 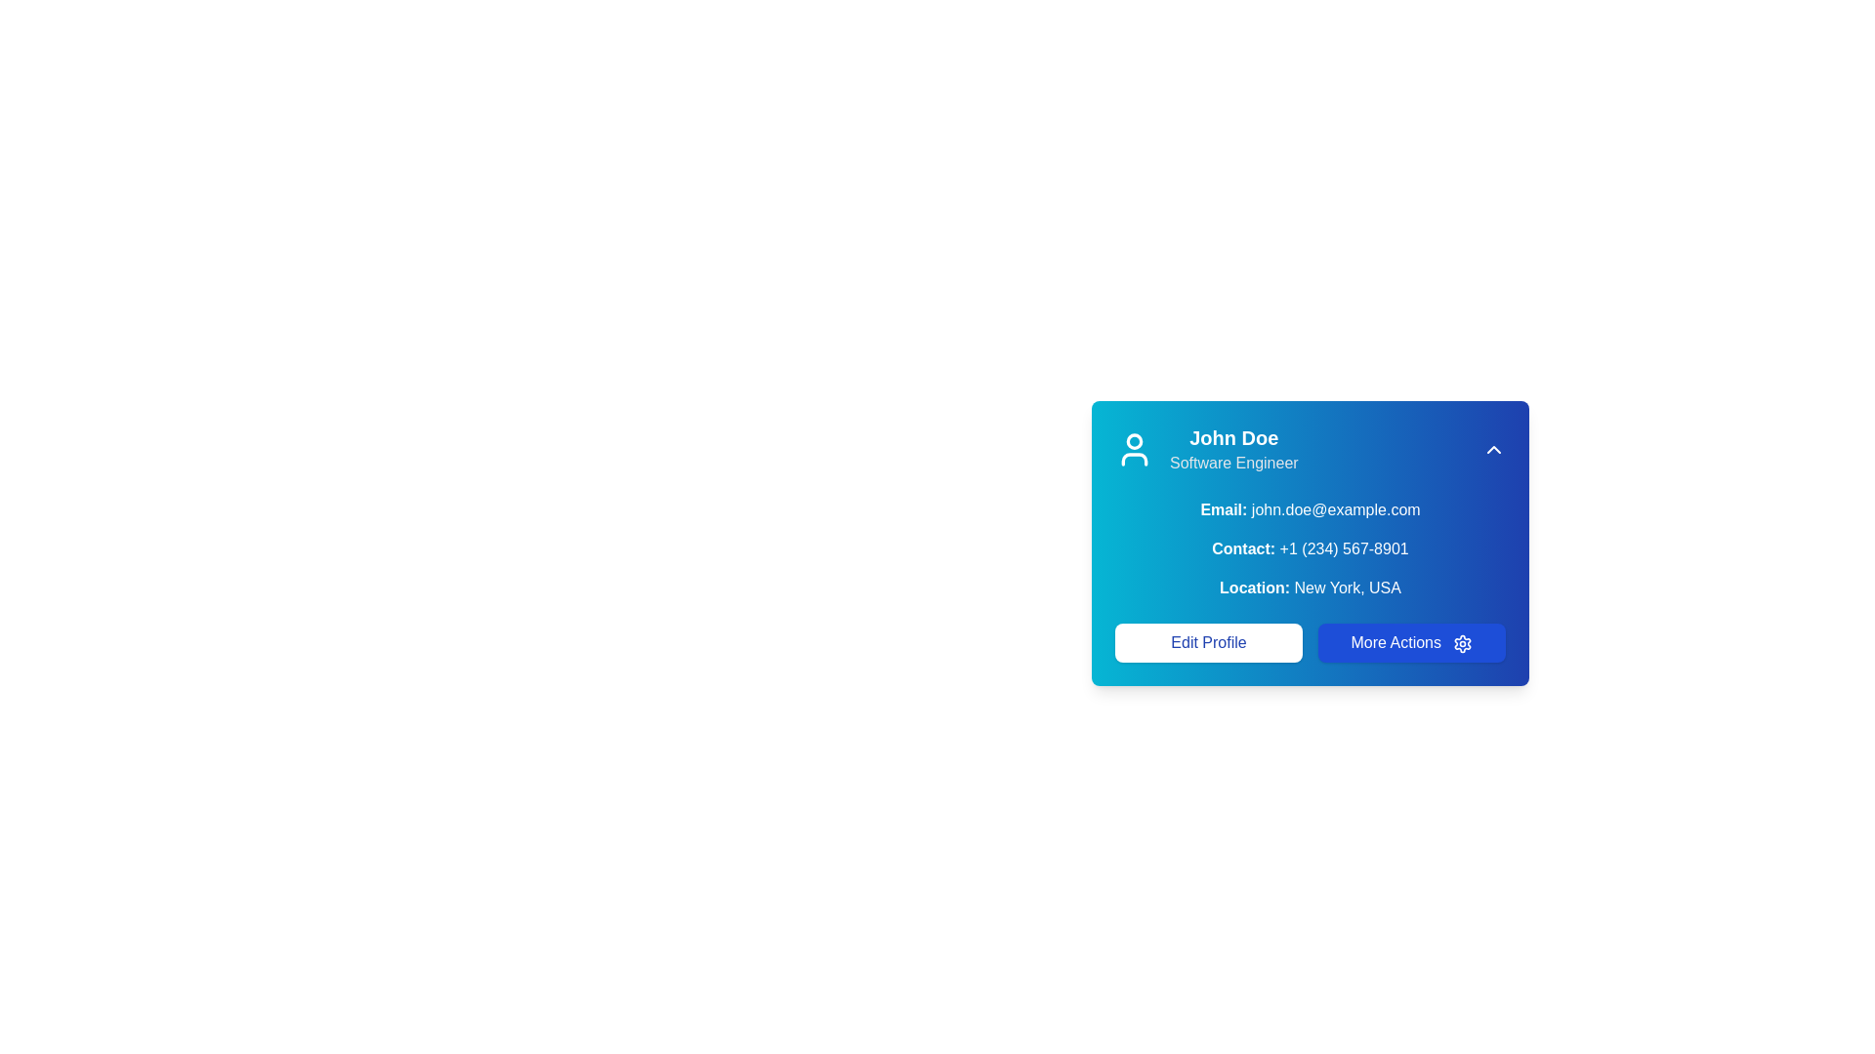 I want to click on the leftmost button, so click(x=1208, y=643).